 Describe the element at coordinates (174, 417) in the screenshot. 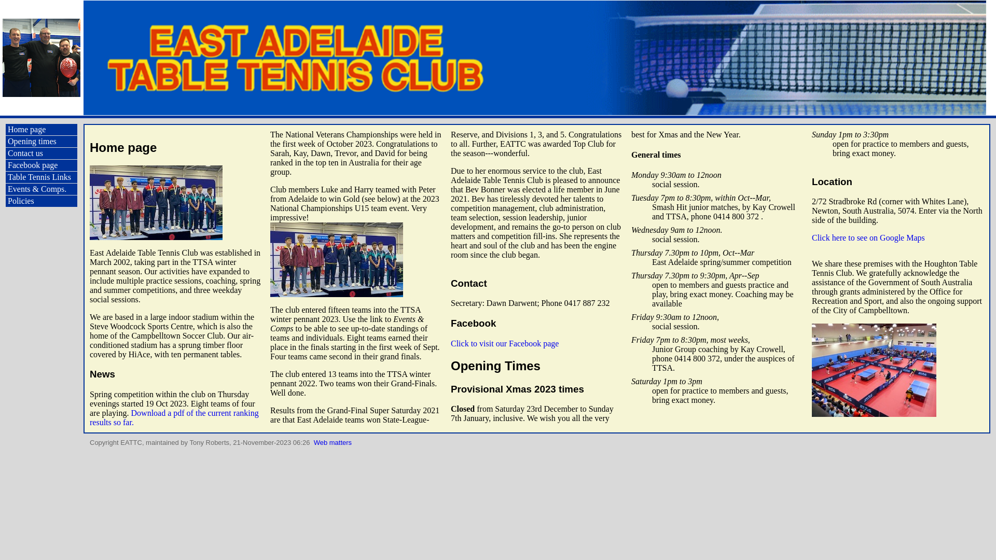

I see `'Download a pdf of the current ranking results so far.'` at that location.